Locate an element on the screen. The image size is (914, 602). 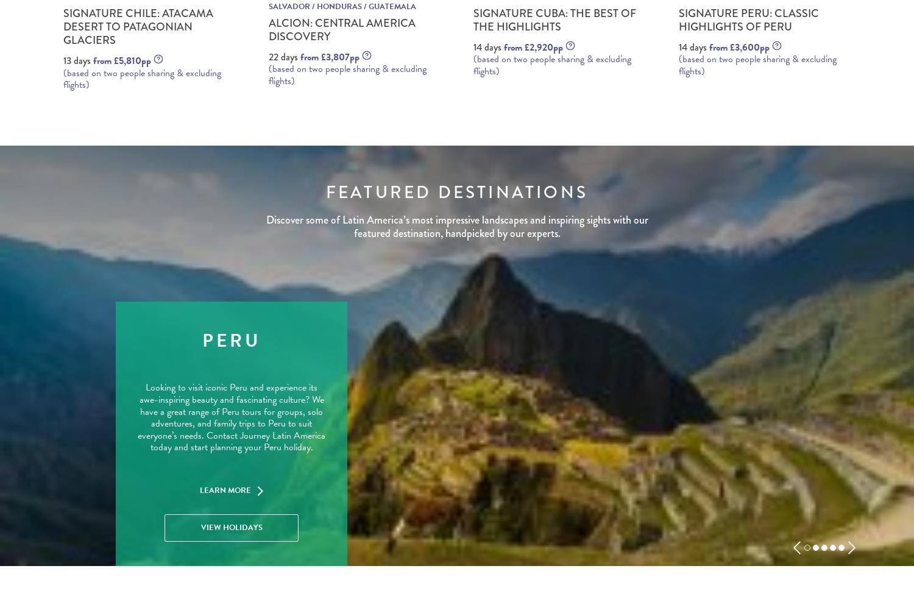
'from £2,920pp' is located at coordinates (503, 46).